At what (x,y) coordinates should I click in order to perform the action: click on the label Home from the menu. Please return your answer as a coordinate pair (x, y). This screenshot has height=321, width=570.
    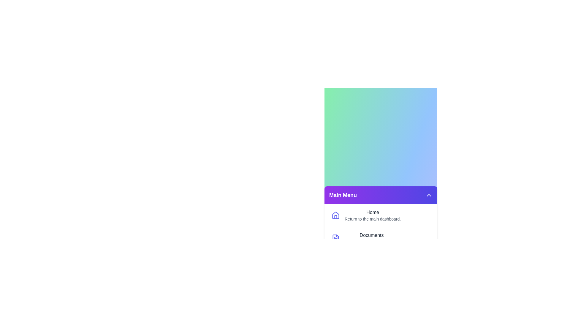
    Looking at the image, I should click on (372, 215).